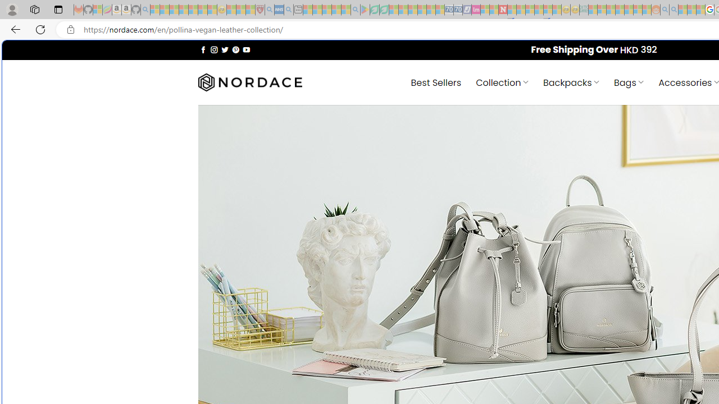  I want to click on 'Follow on YouTube', so click(246, 49).